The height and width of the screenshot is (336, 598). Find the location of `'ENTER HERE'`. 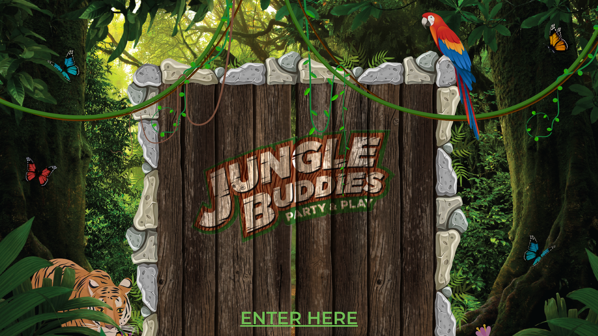

'ENTER HERE' is located at coordinates (299, 318).